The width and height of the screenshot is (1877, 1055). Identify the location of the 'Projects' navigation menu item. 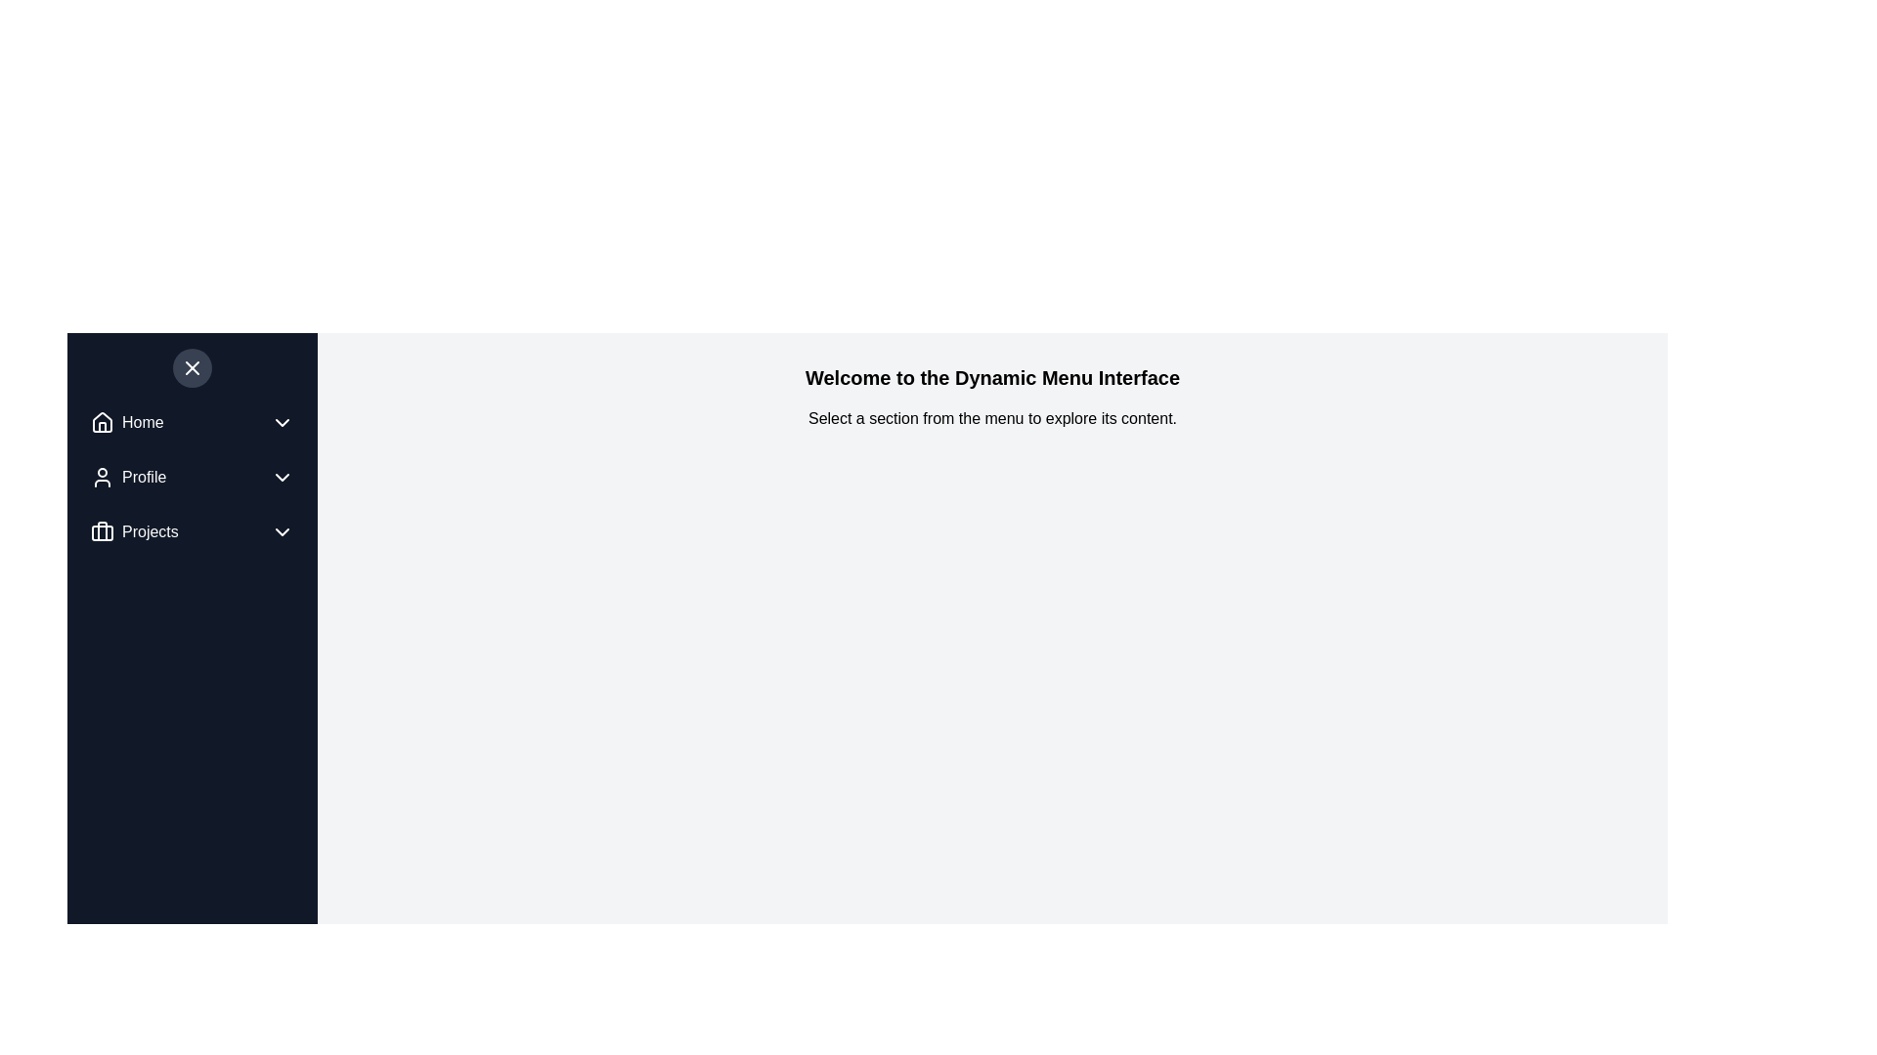
(133, 531).